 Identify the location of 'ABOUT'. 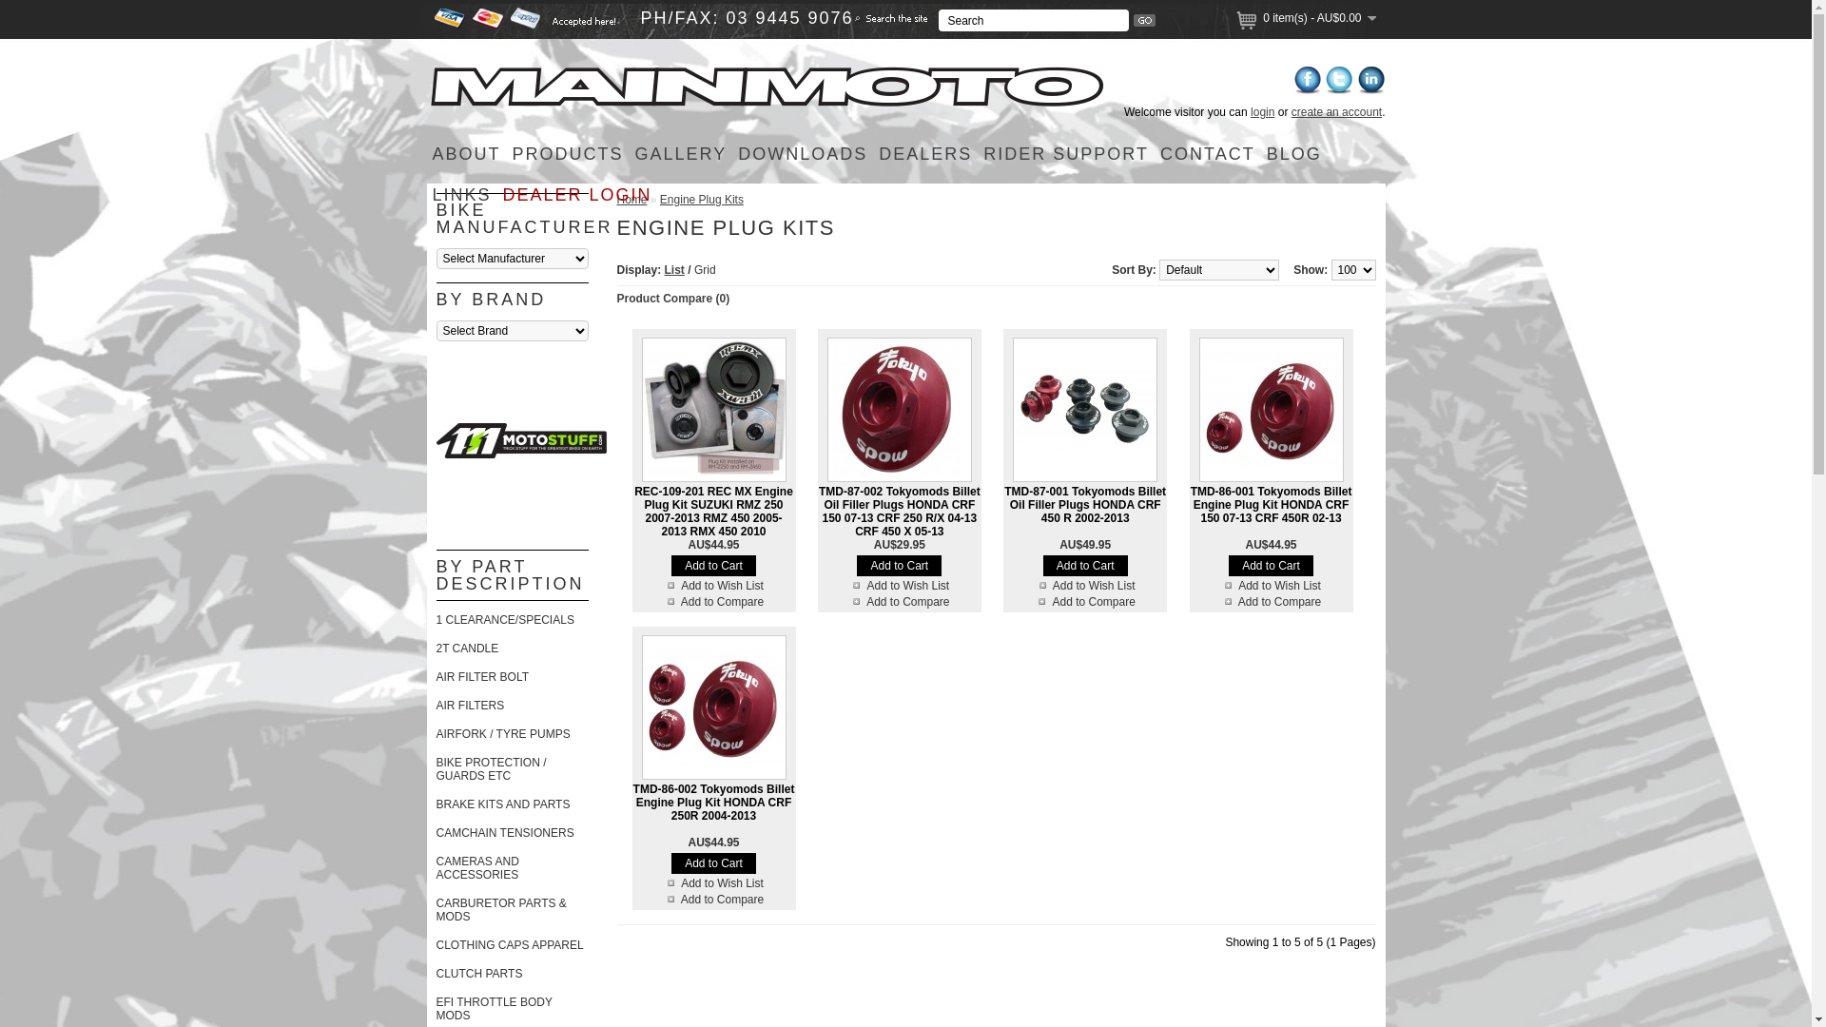
(465, 153).